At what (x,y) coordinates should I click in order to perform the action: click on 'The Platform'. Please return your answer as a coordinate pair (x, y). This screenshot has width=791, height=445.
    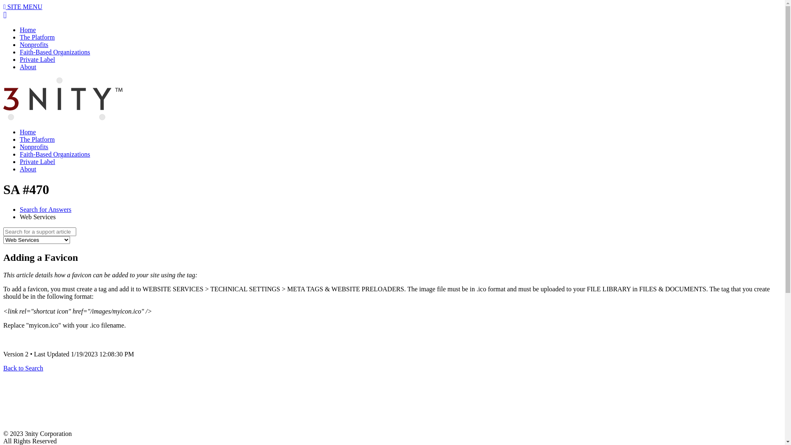
    Looking at the image, I should click on (37, 37).